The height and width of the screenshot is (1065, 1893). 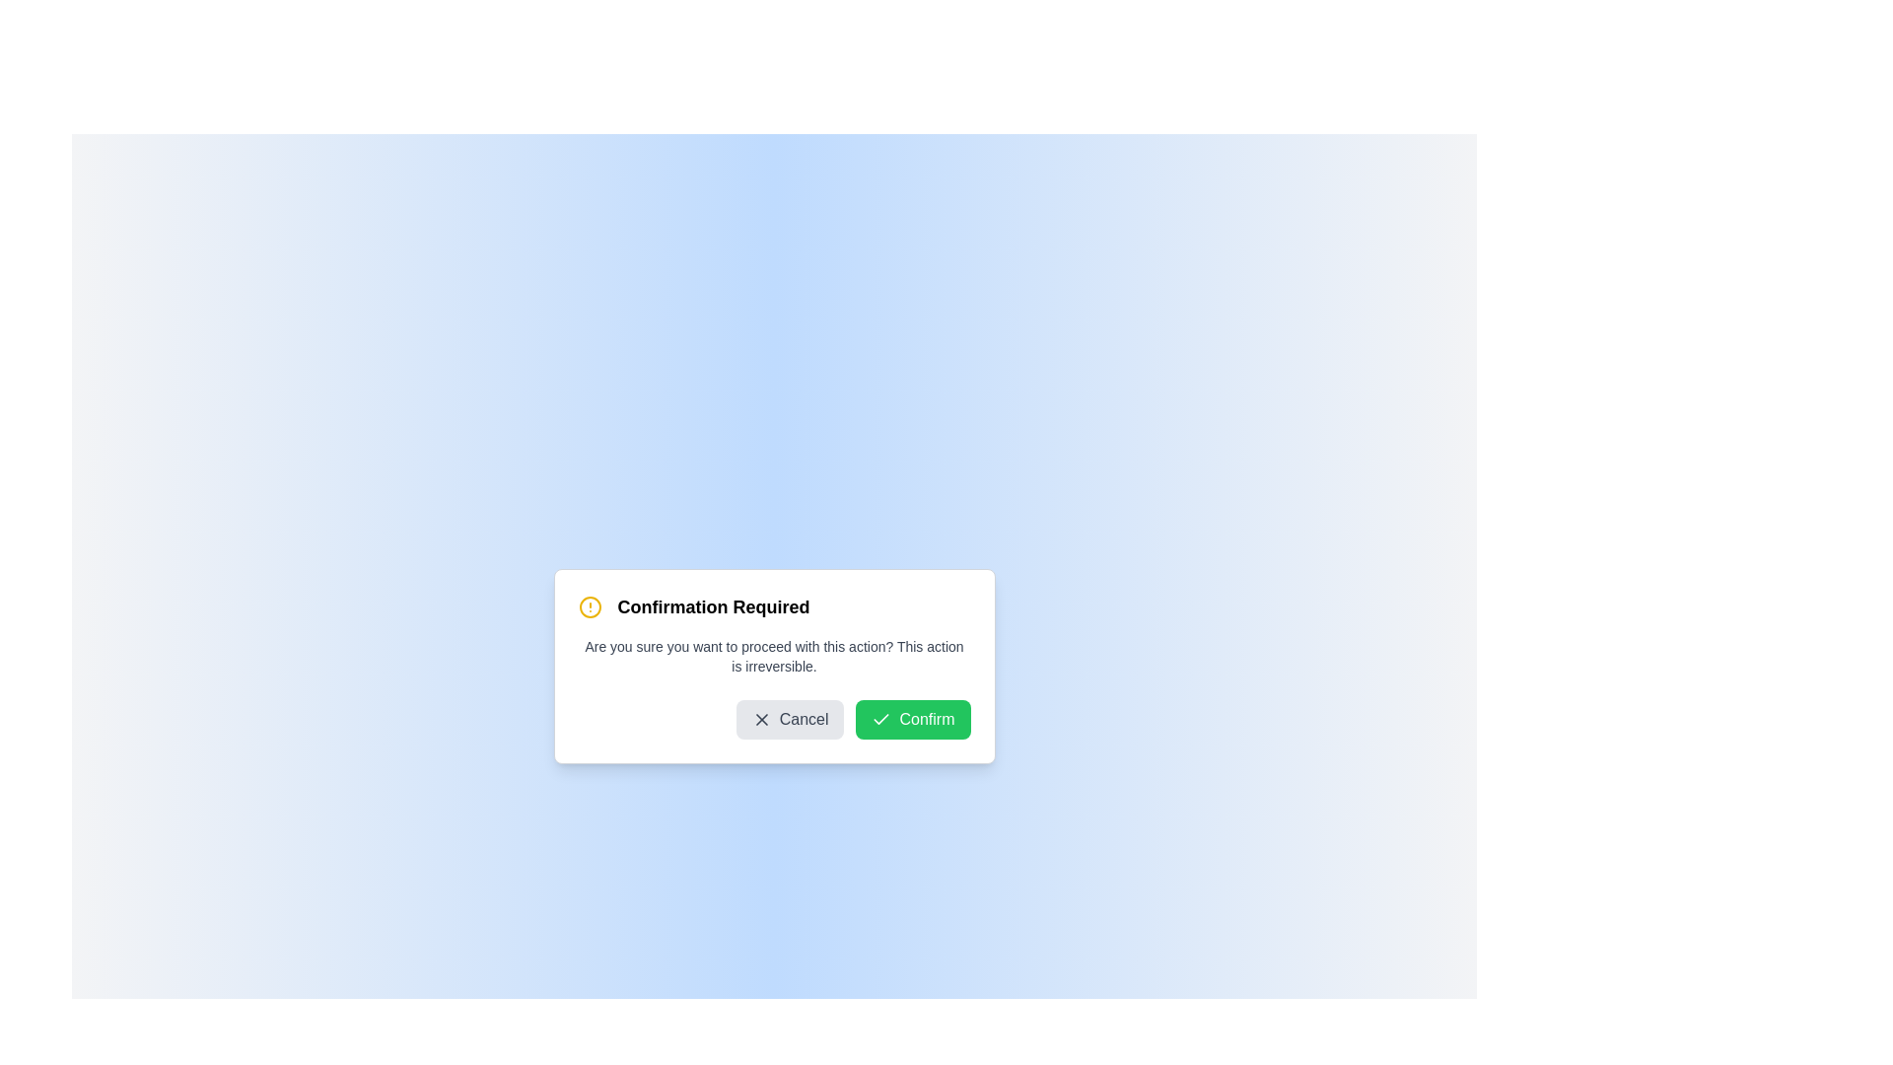 What do you see at coordinates (912, 719) in the screenshot?
I see `the 'Confirm' button located in the modal dialog box to confirm the action and proceed with the task` at bounding box center [912, 719].